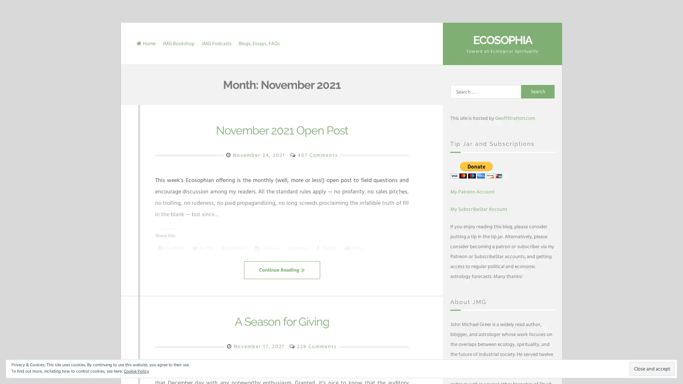  Describe the element at coordinates (652, 368) in the screenshot. I see `Close and accept` at that location.